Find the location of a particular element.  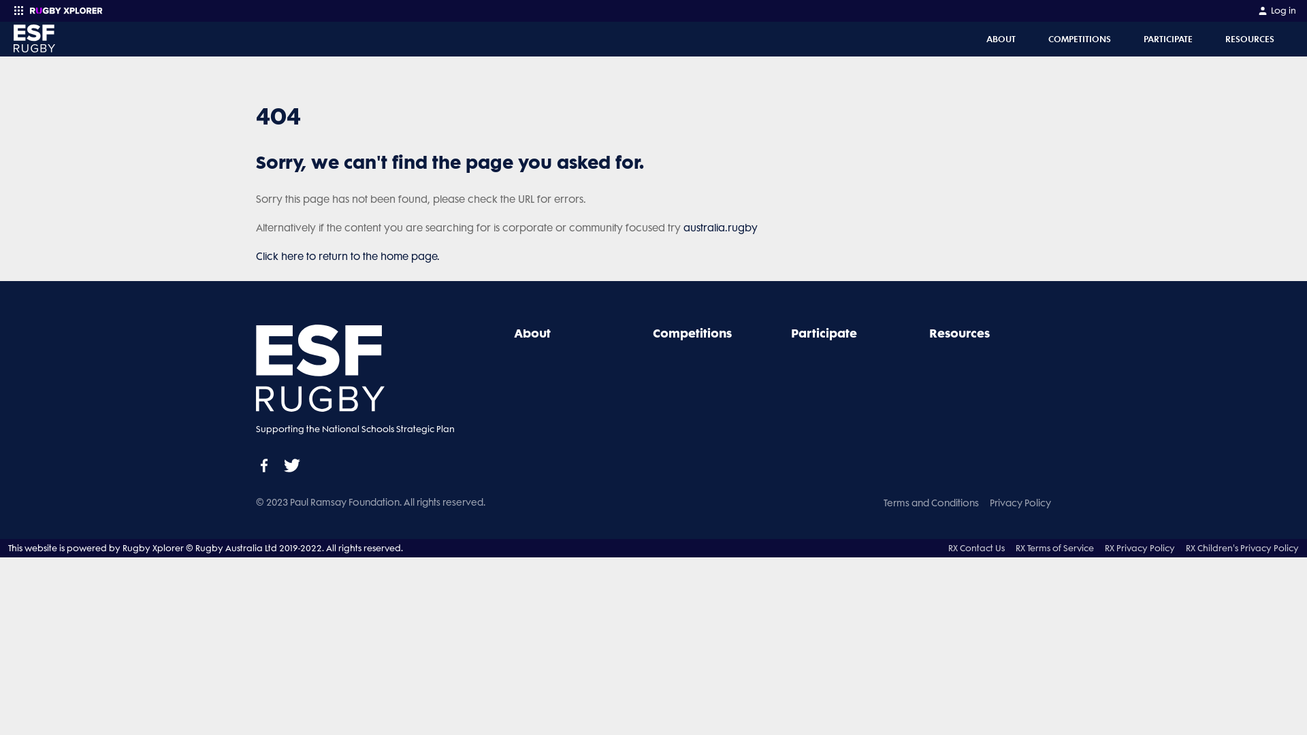

'Competitions' is located at coordinates (692, 333).